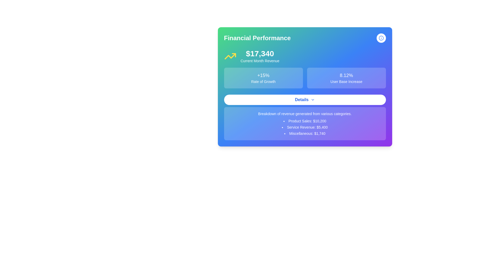 The image size is (498, 280). I want to click on the button located in the middle section of the card, positioned below 'Current Month Revenue' and above 'Breakdown of revenue generated from various categories', for keyboard interaction, so click(305, 100).